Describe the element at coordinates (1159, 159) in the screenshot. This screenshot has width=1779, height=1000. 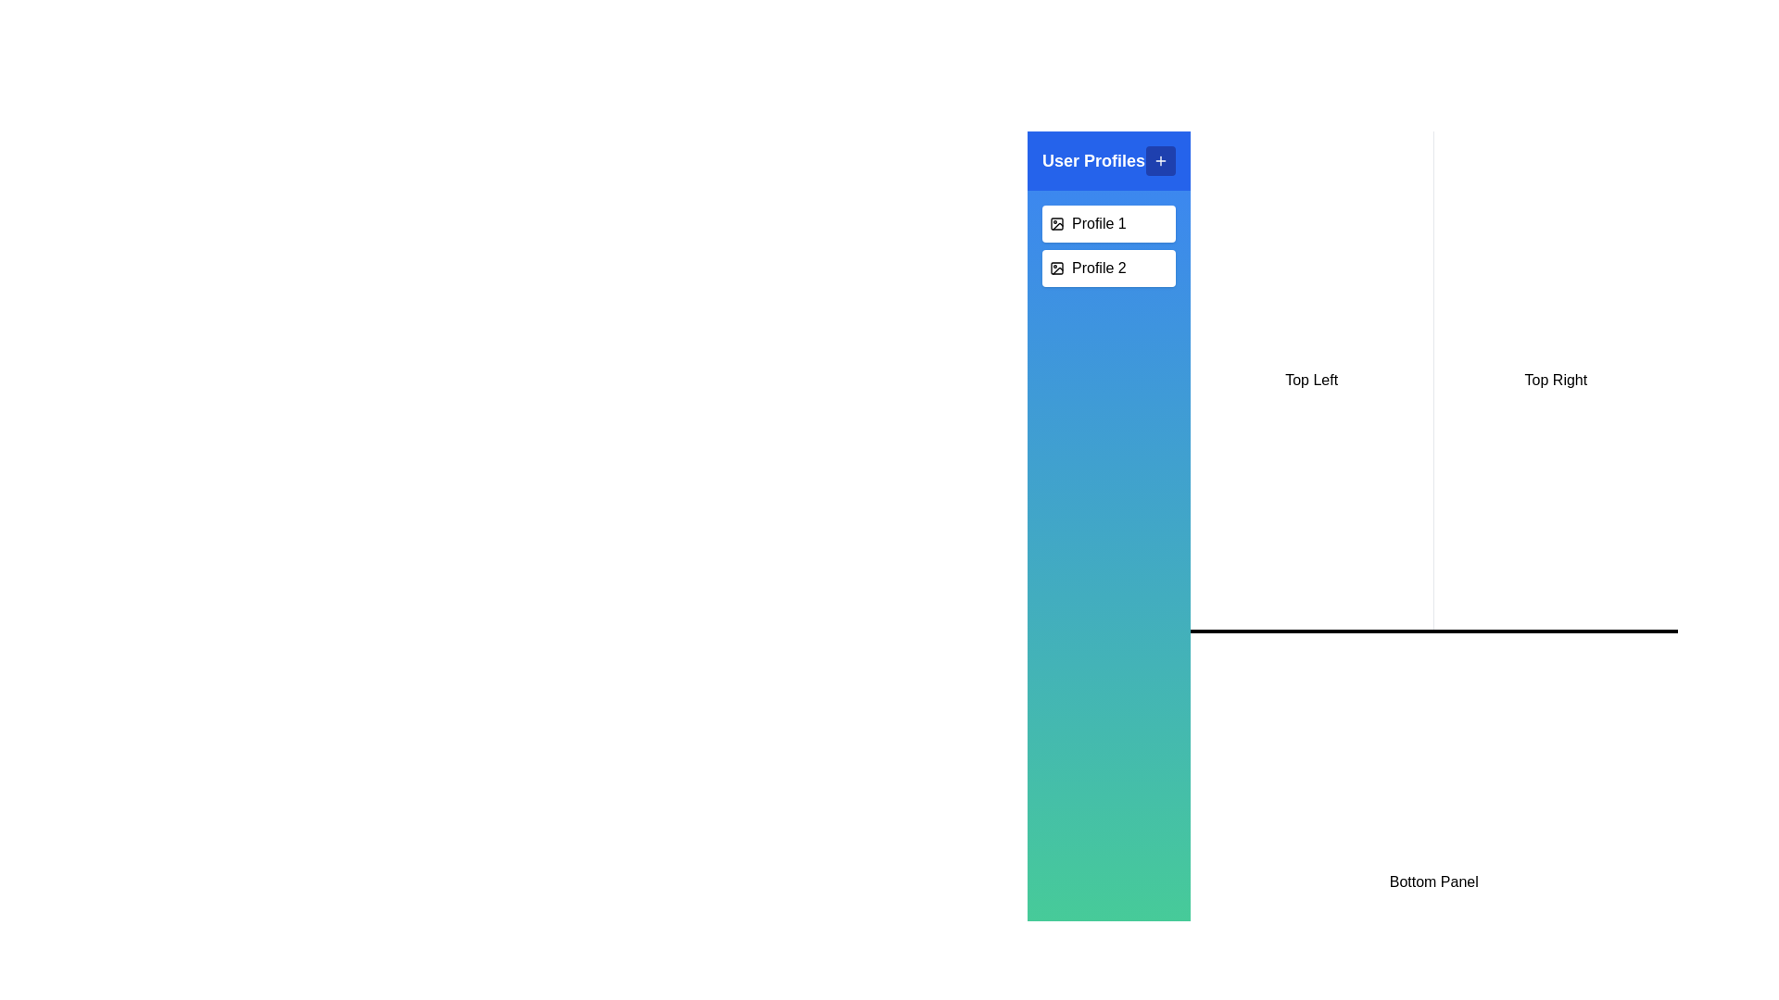
I see `the 'Add' icon located at the top-right corner of the blue bar labeled 'User Profiles'` at that location.